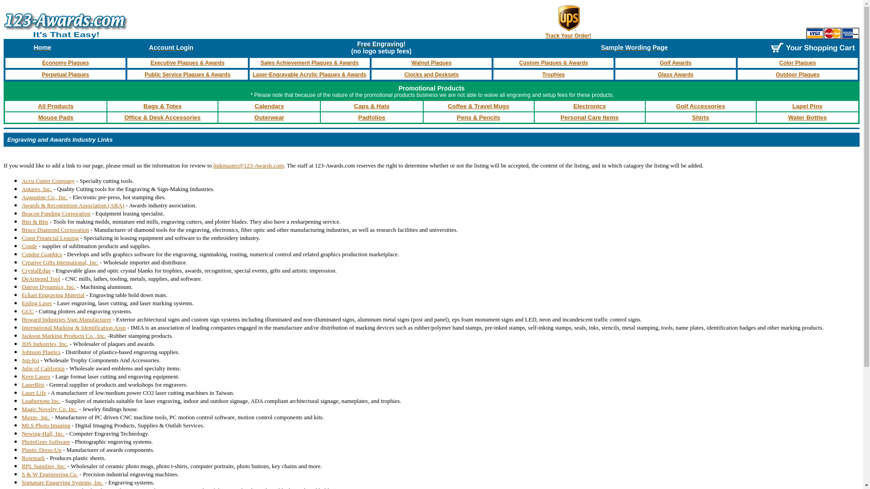 The width and height of the screenshot is (870, 489). Describe the element at coordinates (33, 384) in the screenshot. I see `'LaserBits'` at that location.